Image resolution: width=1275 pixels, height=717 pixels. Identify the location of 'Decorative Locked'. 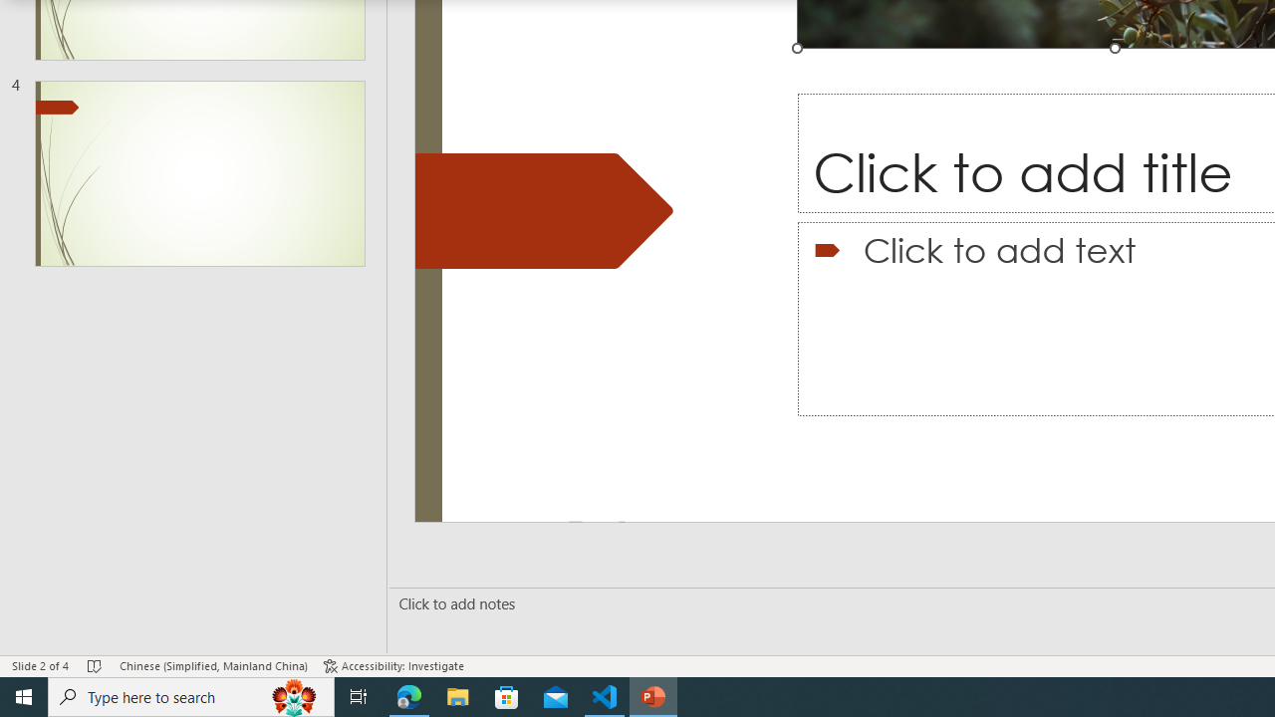
(544, 211).